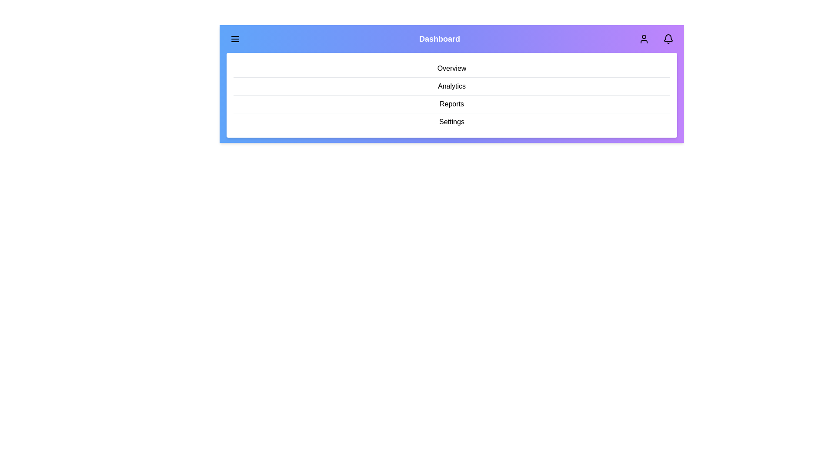 The height and width of the screenshot is (469, 835). What do you see at coordinates (451, 104) in the screenshot?
I see `the menu item Reports from the menu` at bounding box center [451, 104].